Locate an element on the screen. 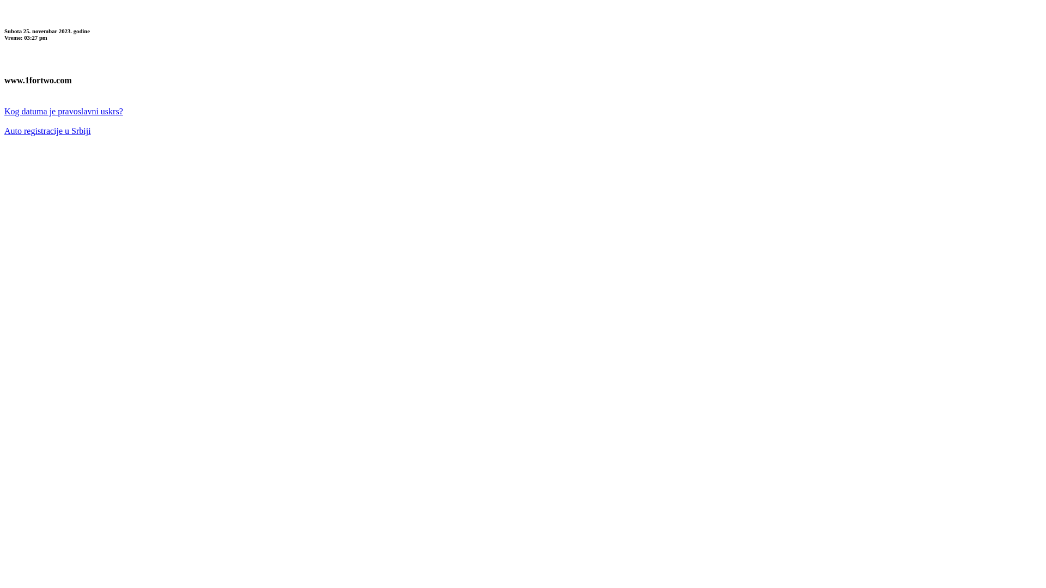  'Auto registracije u Srbiji' is located at coordinates (47, 130).